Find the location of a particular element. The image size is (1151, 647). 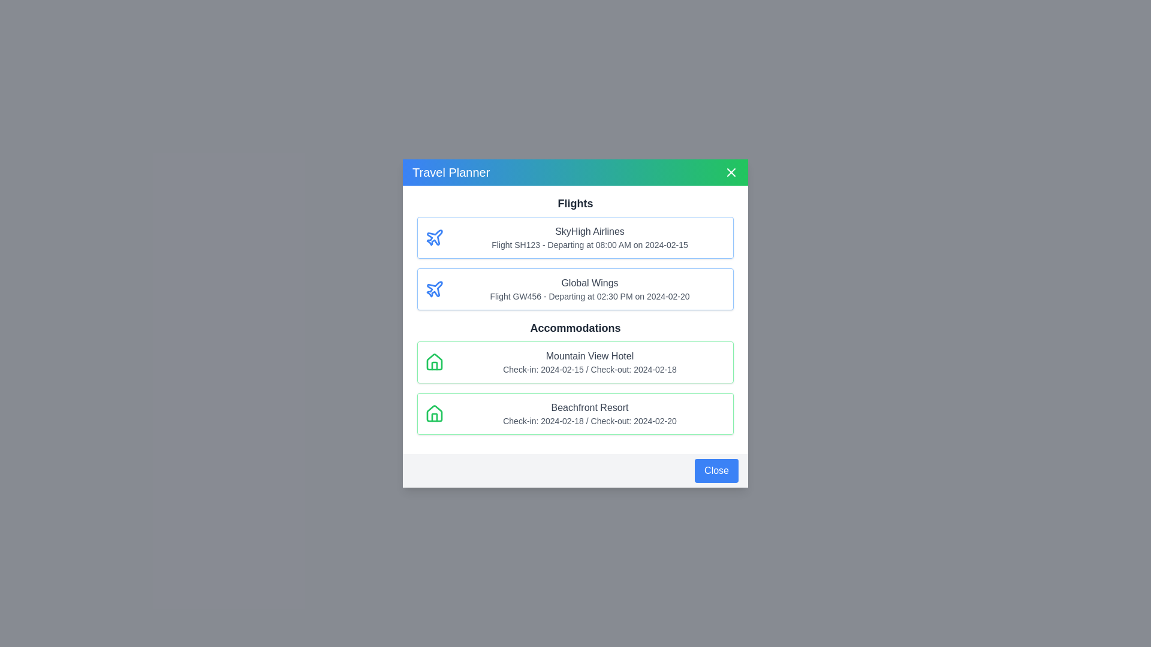

the text display that conveys information about a specific flight, located as the first item in the 'Flights' list, above 'Global Wings' is located at coordinates (589, 238).